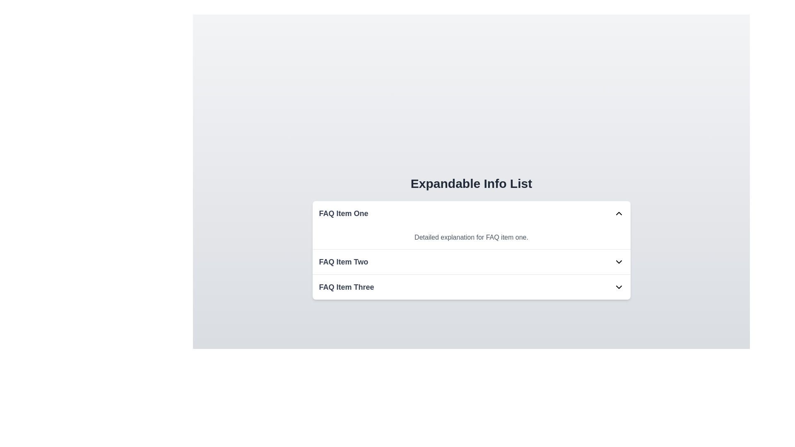 This screenshot has width=795, height=447. What do you see at coordinates (619, 287) in the screenshot?
I see `the downward-pointing chevron icon adjacent to 'FAQ Item Three' for potential visual feedback` at bounding box center [619, 287].